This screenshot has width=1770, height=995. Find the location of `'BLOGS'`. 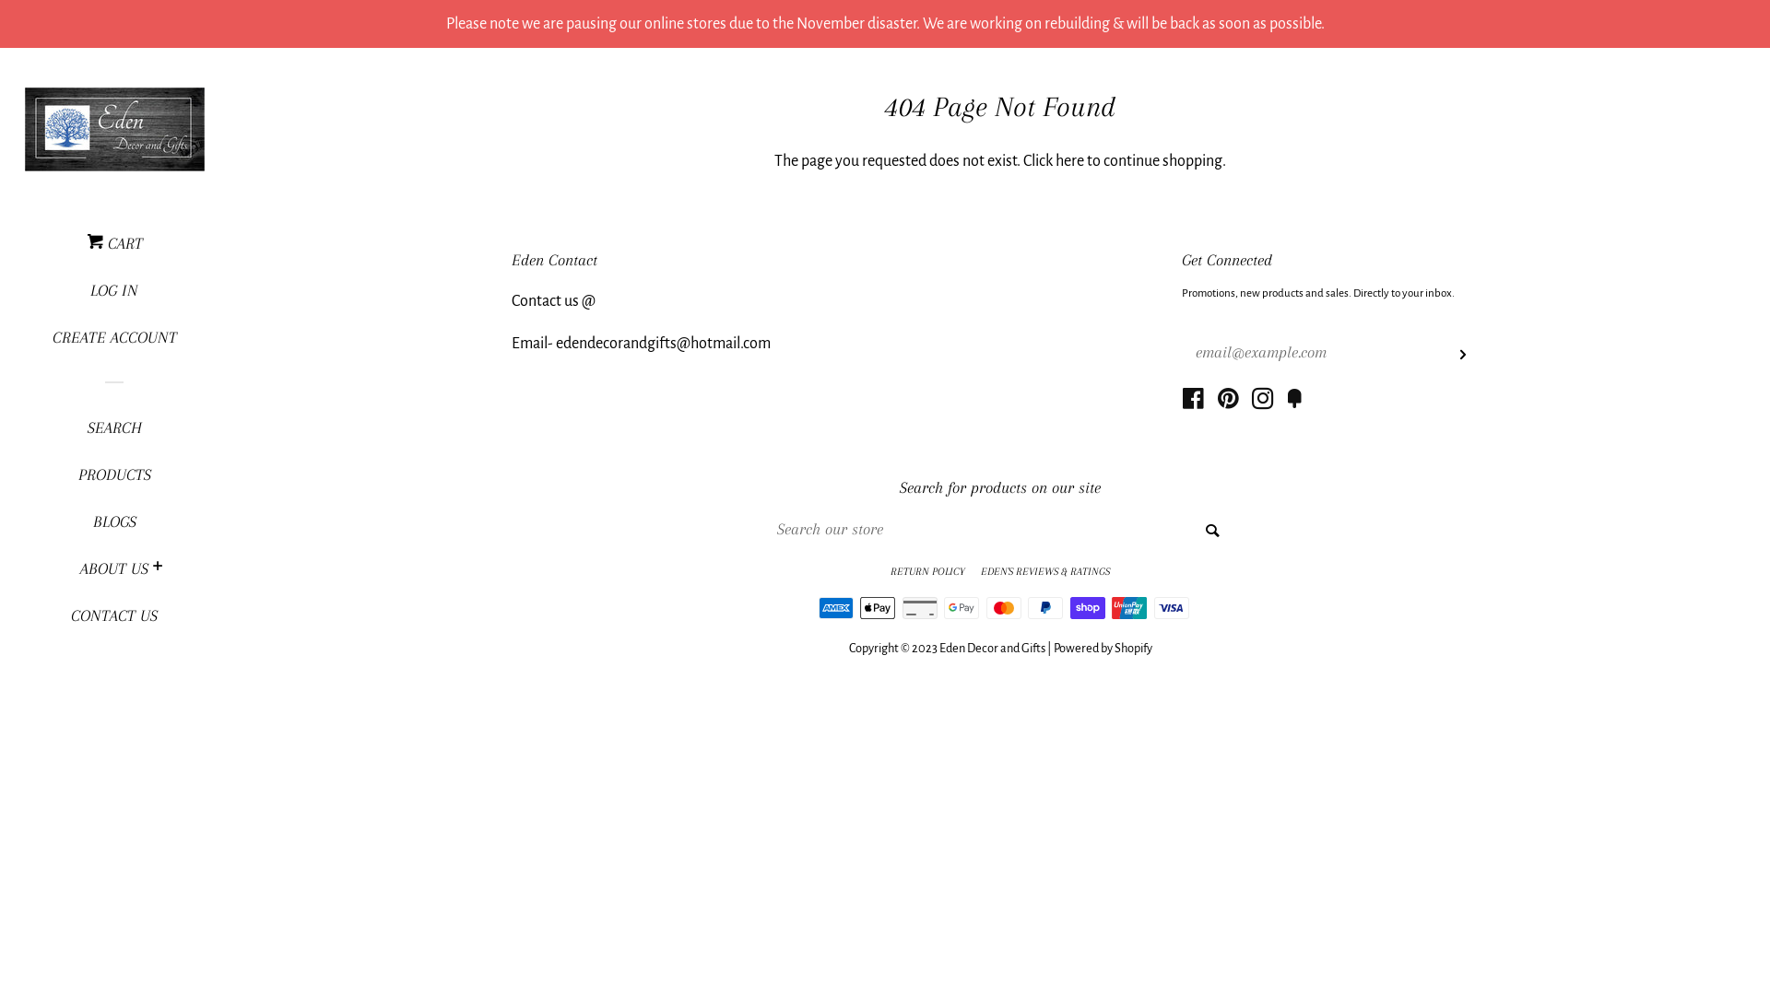

'BLOGS' is located at coordinates (40, 528).